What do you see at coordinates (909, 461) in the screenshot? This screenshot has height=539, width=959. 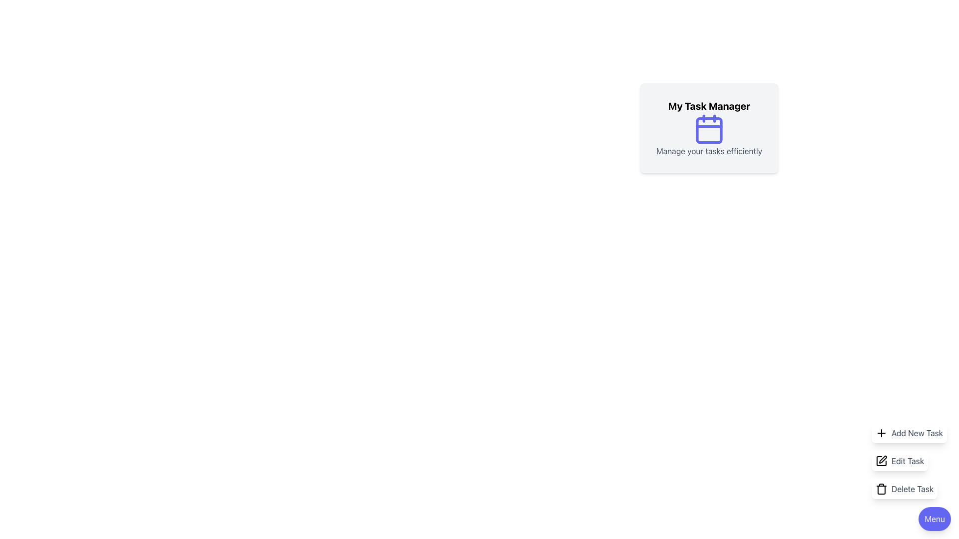 I see `the 'Edit Task' button using keyboard navigation` at bounding box center [909, 461].